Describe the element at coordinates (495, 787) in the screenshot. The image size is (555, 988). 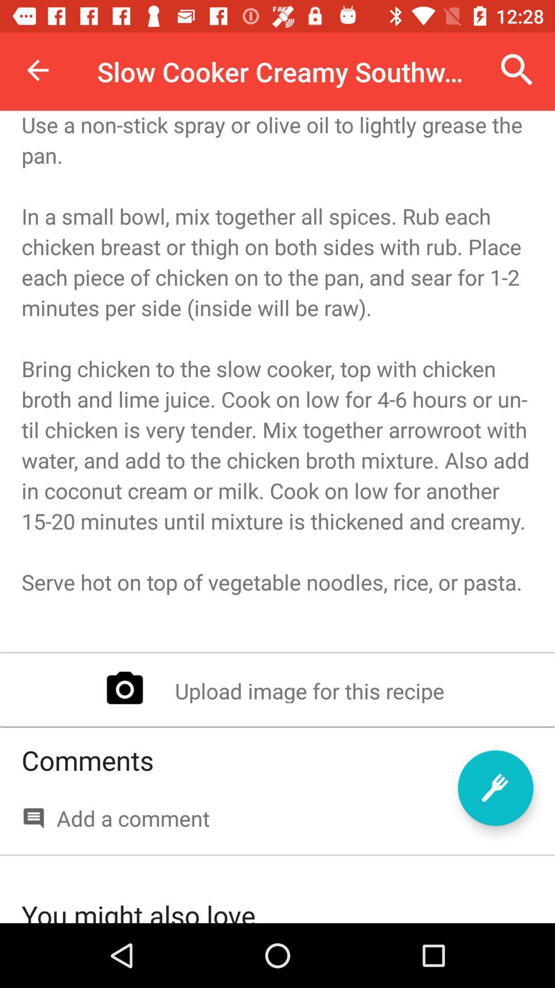
I see `icon at the bottom right corner` at that location.